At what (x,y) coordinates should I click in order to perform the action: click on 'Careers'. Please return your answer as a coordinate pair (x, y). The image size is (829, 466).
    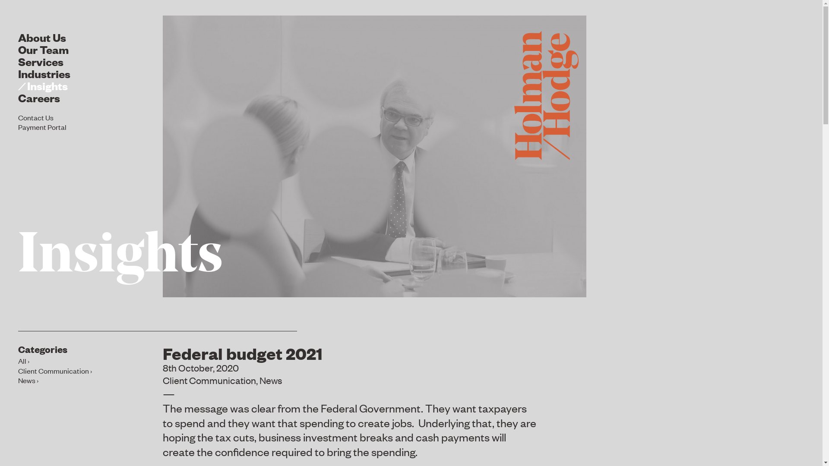
    Looking at the image, I should click on (38, 97).